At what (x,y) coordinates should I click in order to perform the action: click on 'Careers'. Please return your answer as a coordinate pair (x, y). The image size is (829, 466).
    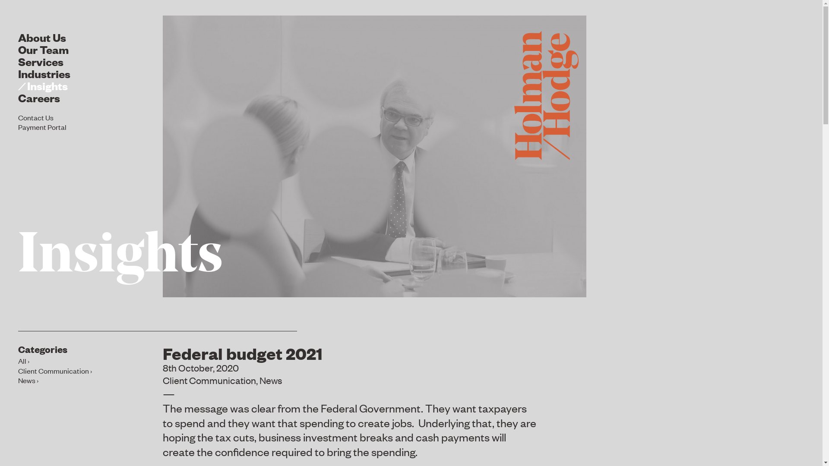
    Looking at the image, I should click on (38, 97).